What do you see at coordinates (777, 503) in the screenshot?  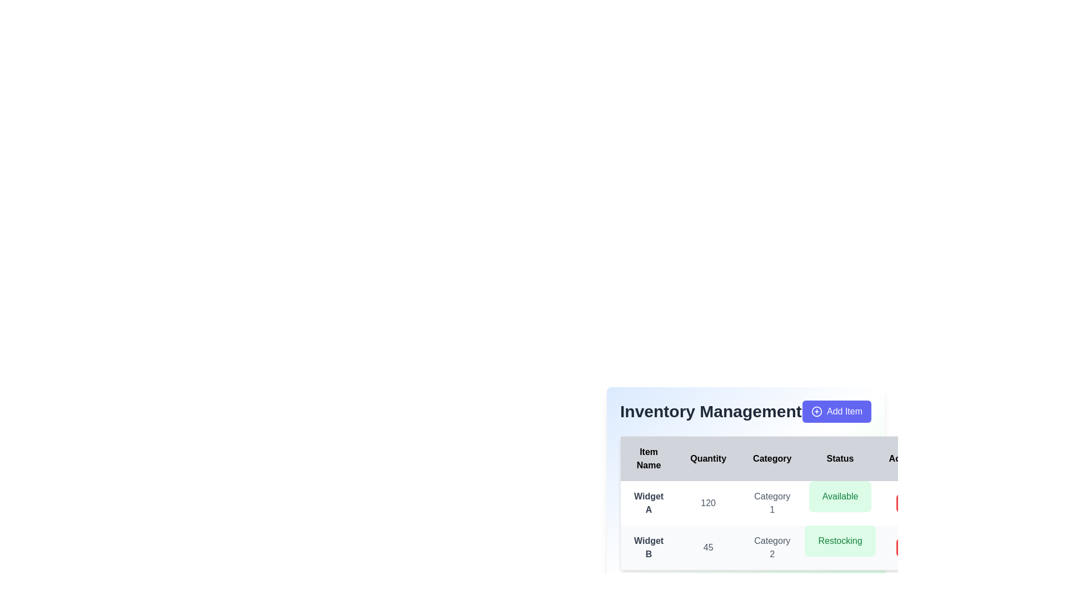 I see `text within each cell of the inventory items data table located centrally below the 'Inventory Management' header` at bounding box center [777, 503].